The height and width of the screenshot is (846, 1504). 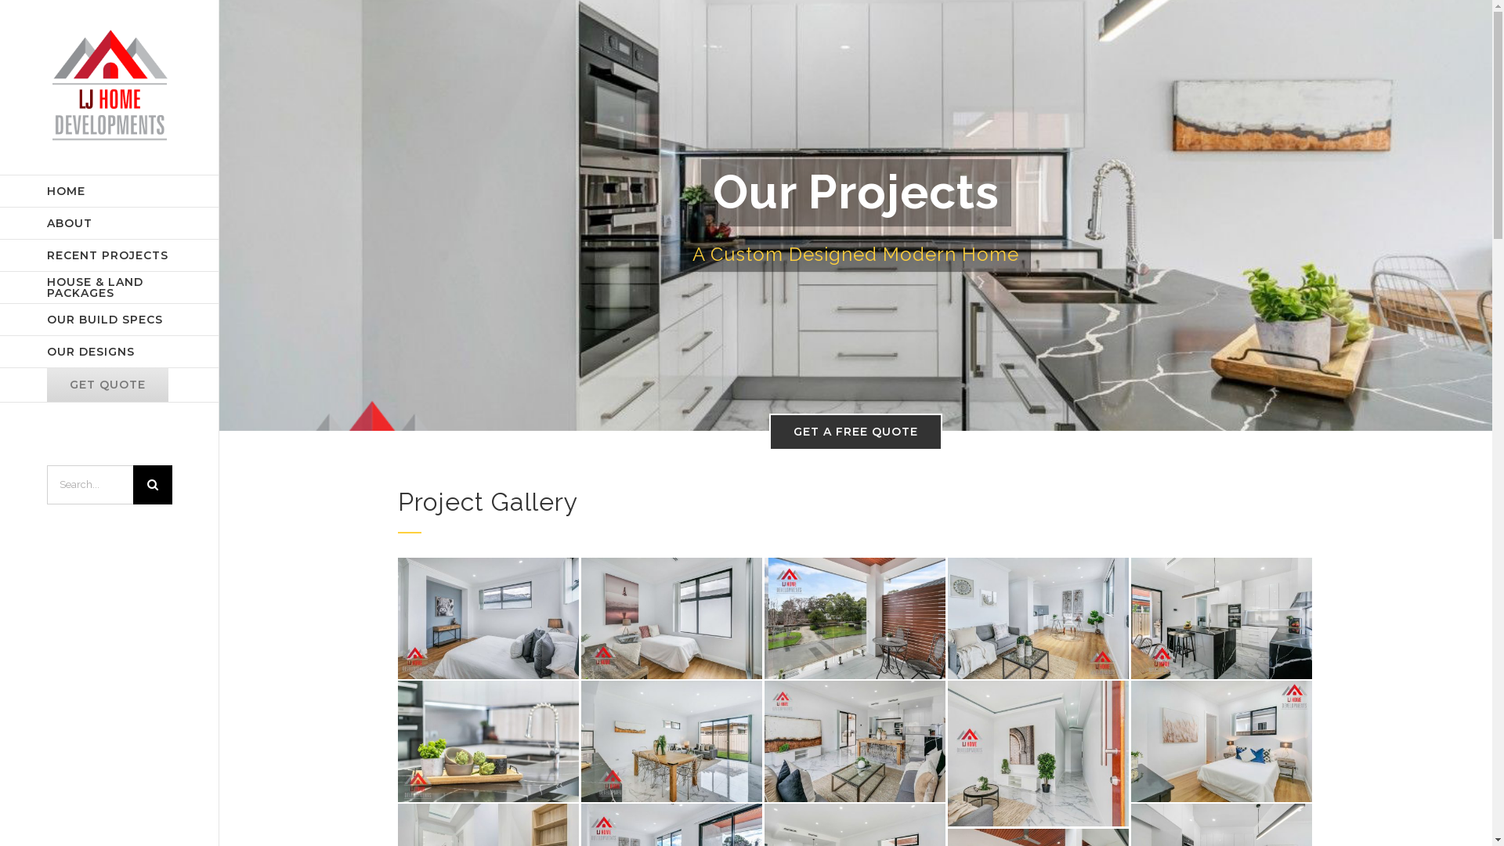 What do you see at coordinates (0, 385) in the screenshot?
I see `'GET QUOTE'` at bounding box center [0, 385].